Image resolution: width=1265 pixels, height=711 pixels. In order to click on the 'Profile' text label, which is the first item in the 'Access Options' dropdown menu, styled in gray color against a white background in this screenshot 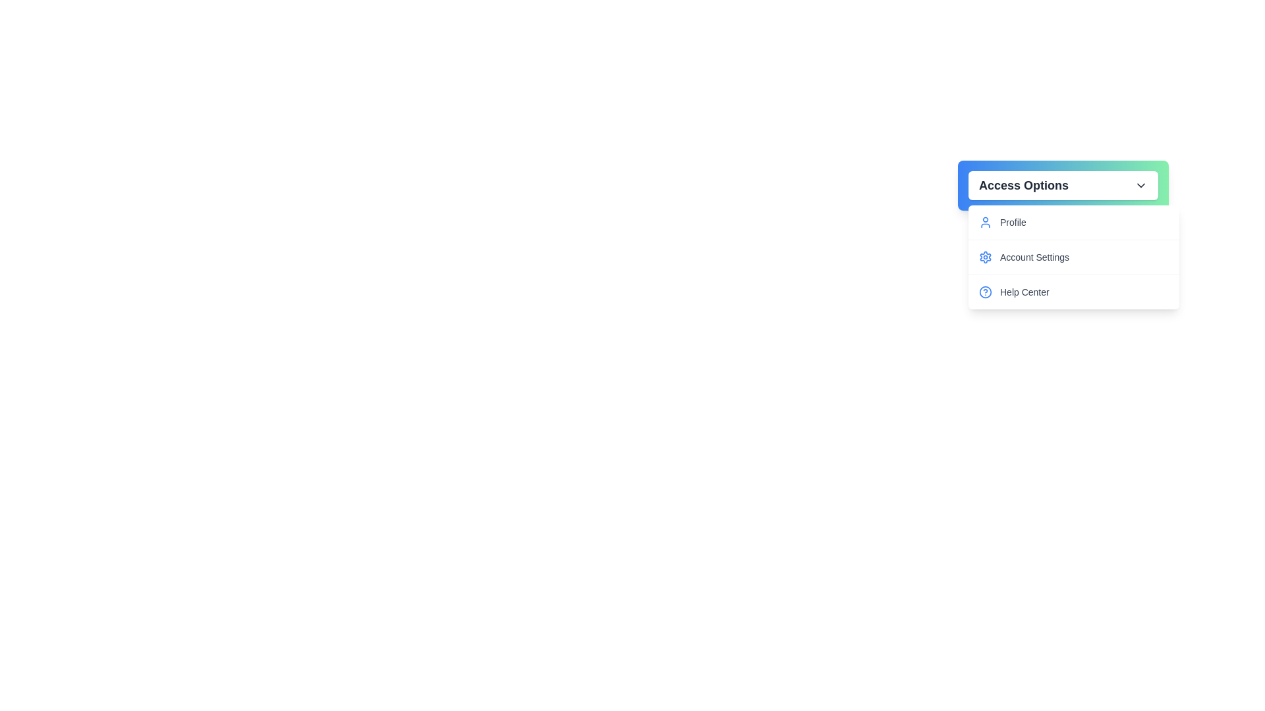, I will do `click(1012, 222)`.